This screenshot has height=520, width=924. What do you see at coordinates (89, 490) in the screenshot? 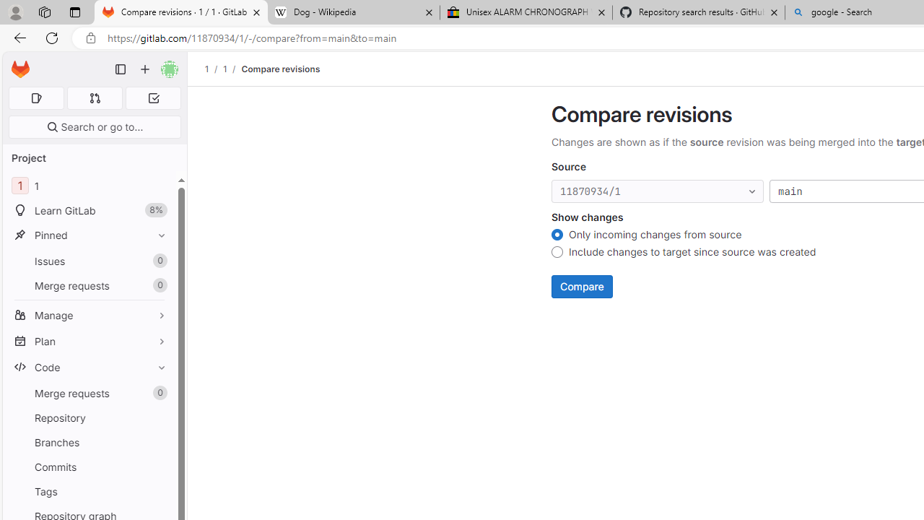
I see `'Tags'` at bounding box center [89, 490].